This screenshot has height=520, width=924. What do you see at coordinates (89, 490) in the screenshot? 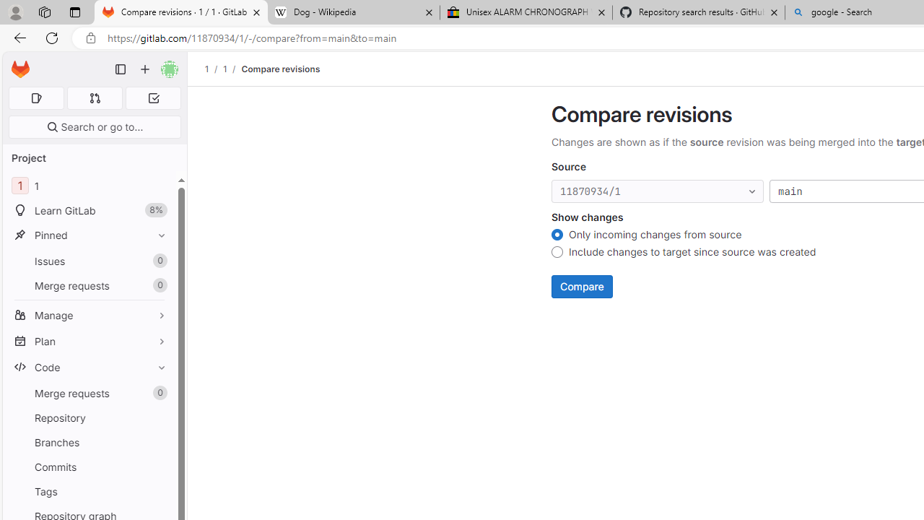
I see `'Tags'` at bounding box center [89, 490].